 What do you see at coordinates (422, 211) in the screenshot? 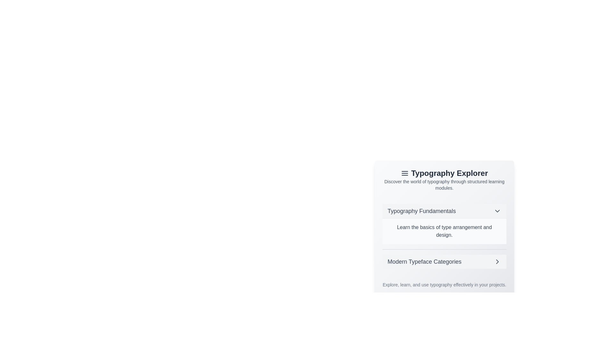
I see `the 'Typography Fundamentals' text label to navigate to related content` at bounding box center [422, 211].